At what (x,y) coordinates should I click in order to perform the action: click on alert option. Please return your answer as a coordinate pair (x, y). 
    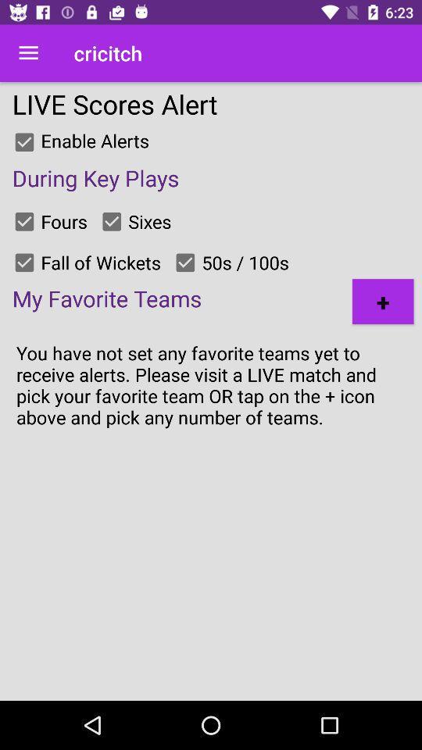
    Looking at the image, I should click on (23, 220).